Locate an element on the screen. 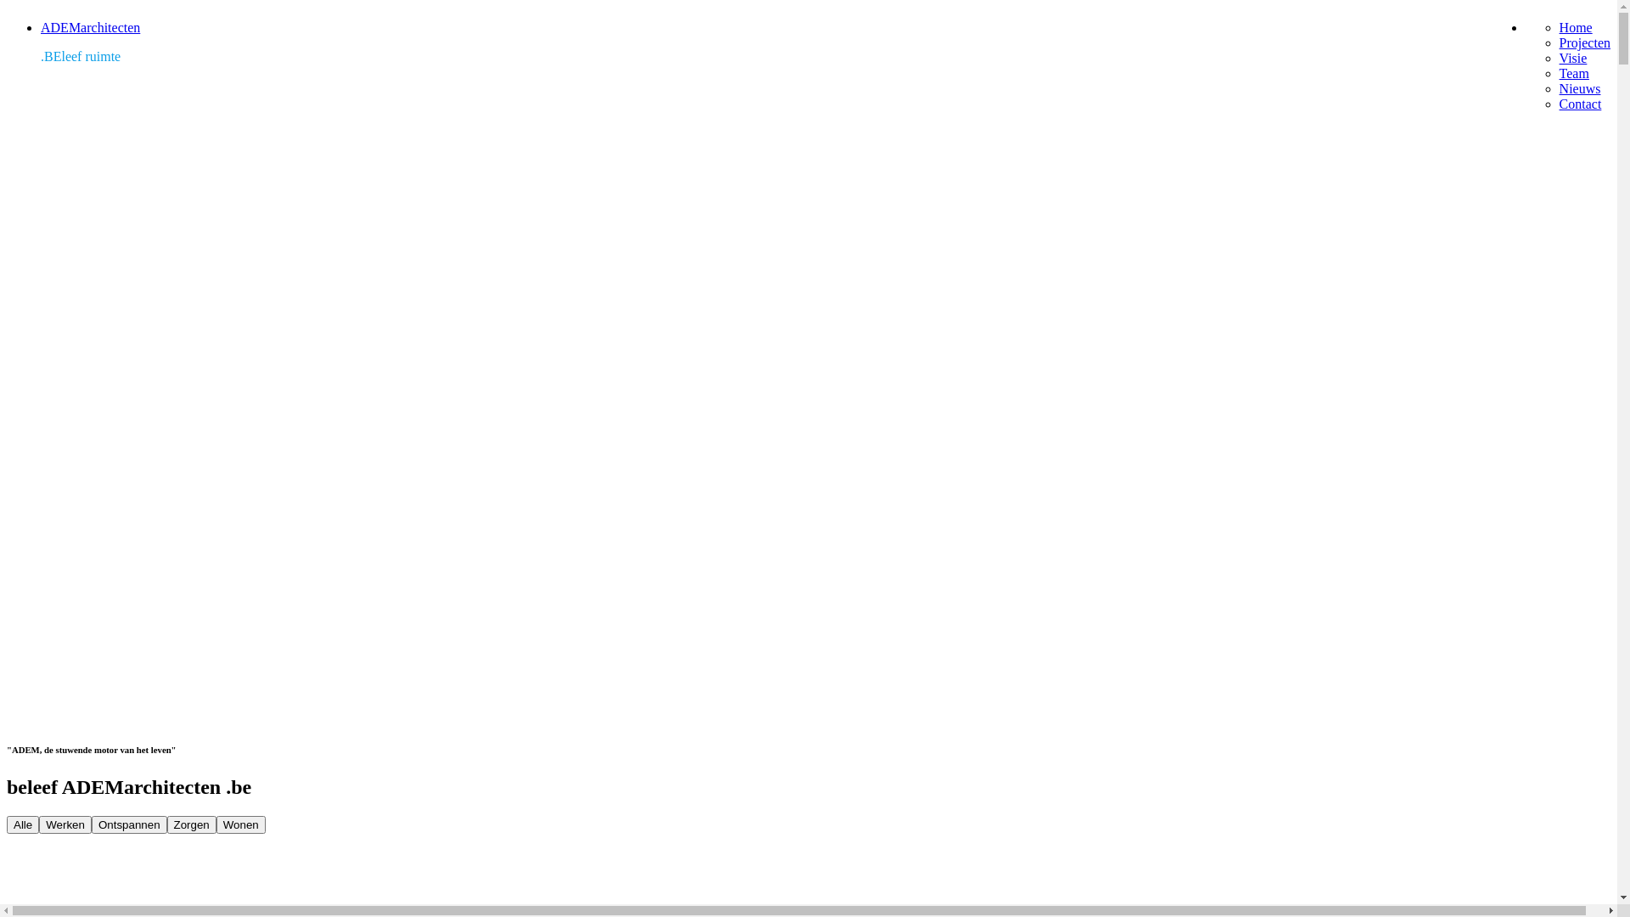 The width and height of the screenshot is (1630, 917). 'Contact' is located at coordinates (1580, 104).